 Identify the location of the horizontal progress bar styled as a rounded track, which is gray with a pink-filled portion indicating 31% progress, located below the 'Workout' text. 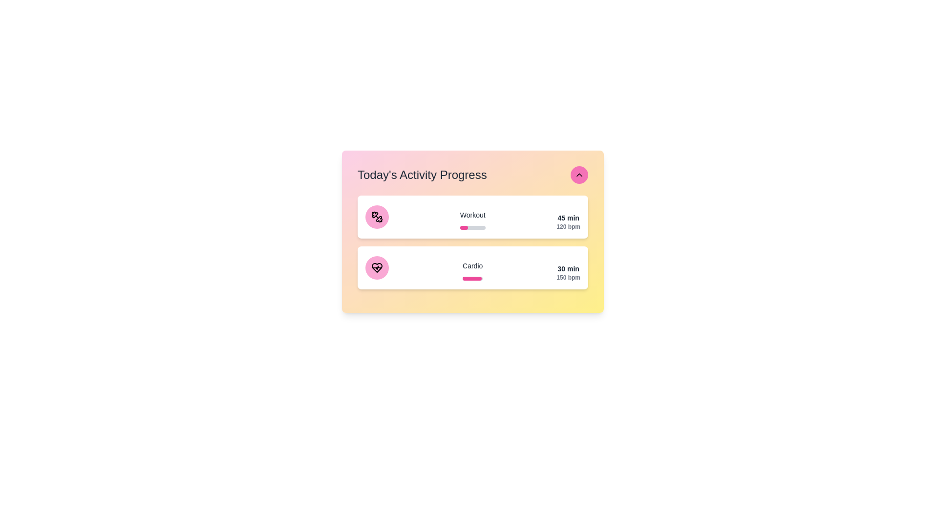
(472, 228).